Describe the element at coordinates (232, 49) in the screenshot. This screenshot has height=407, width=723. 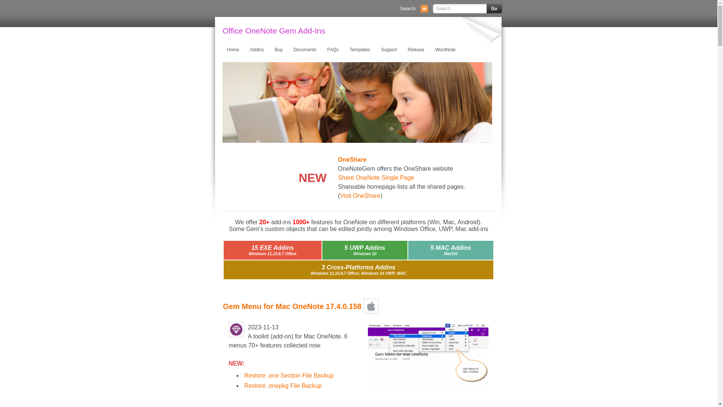
I see `'Home'` at that location.